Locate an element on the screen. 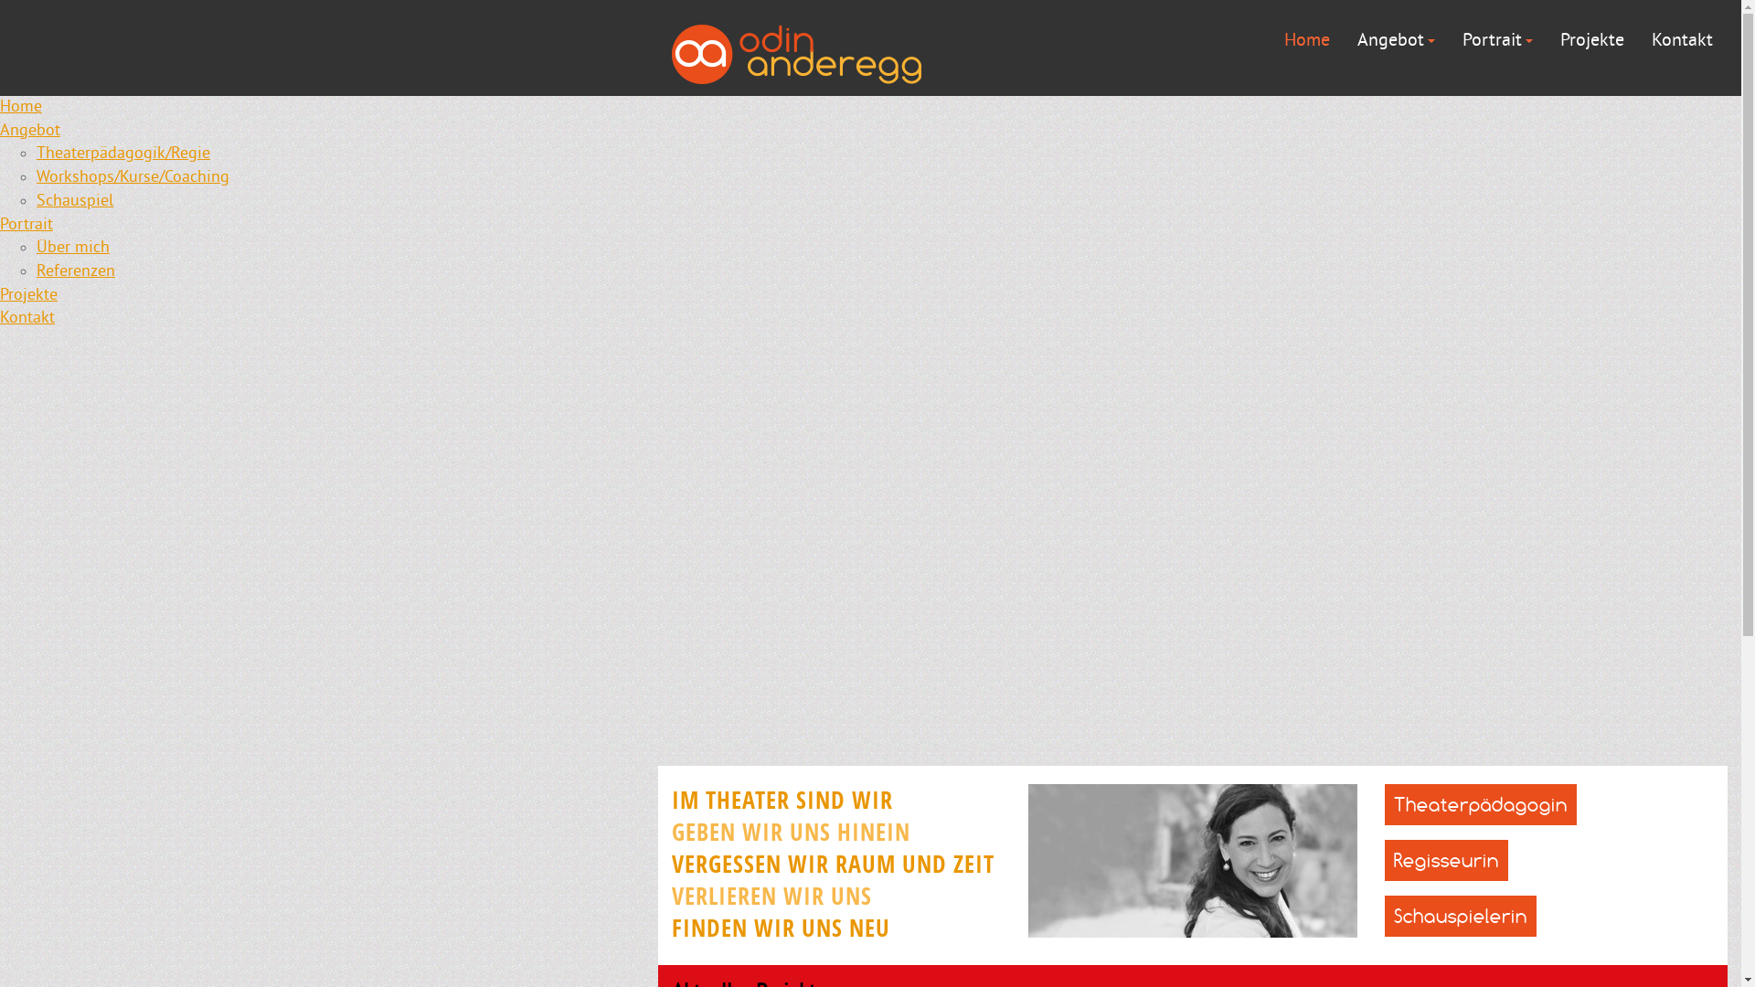 The width and height of the screenshot is (1755, 987). 'Workshops/Kurse/Coaching' is located at coordinates (132, 177).